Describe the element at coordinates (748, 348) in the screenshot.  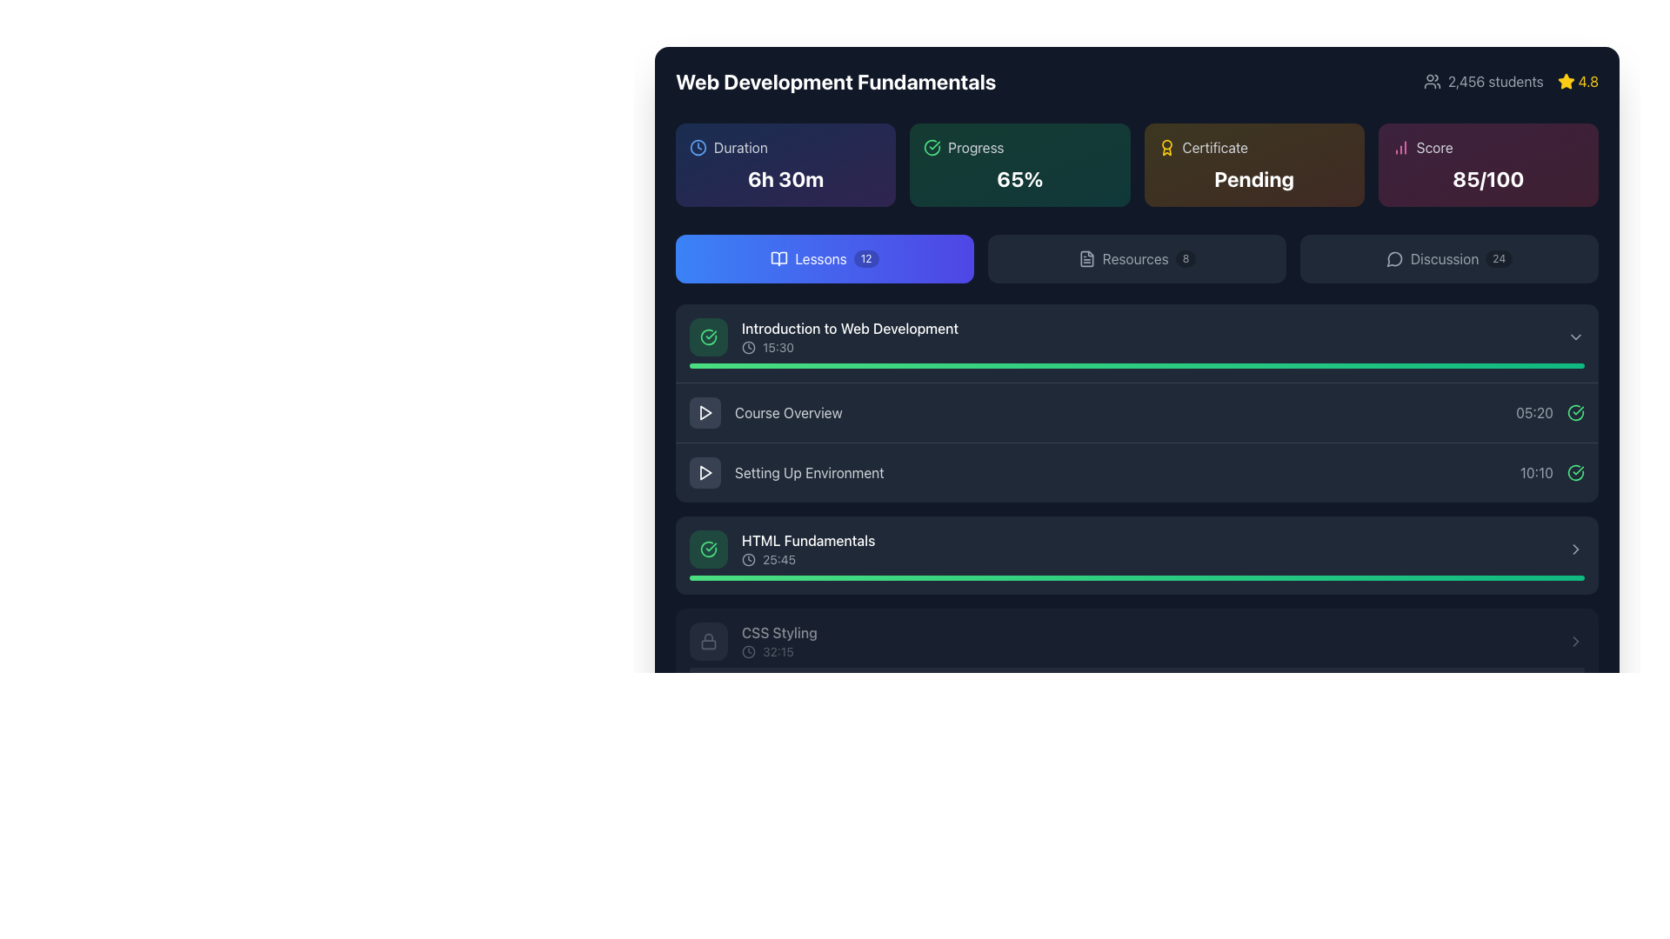
I see `the stylized clock face icon, which is located to the left of the text '15:30' in the duration information group for the 'Introduction to Web Development' entry in the upper region of the lesson panel` at that location.